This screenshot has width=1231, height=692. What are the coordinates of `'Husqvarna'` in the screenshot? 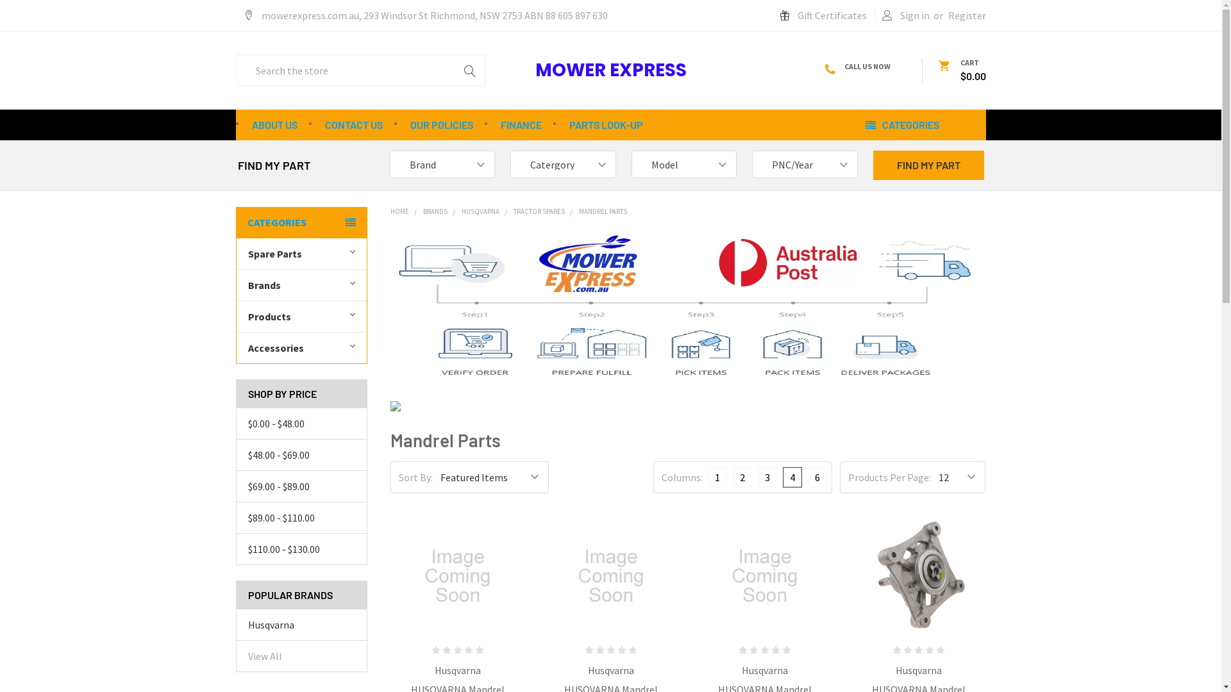 It's located at (300, 624).